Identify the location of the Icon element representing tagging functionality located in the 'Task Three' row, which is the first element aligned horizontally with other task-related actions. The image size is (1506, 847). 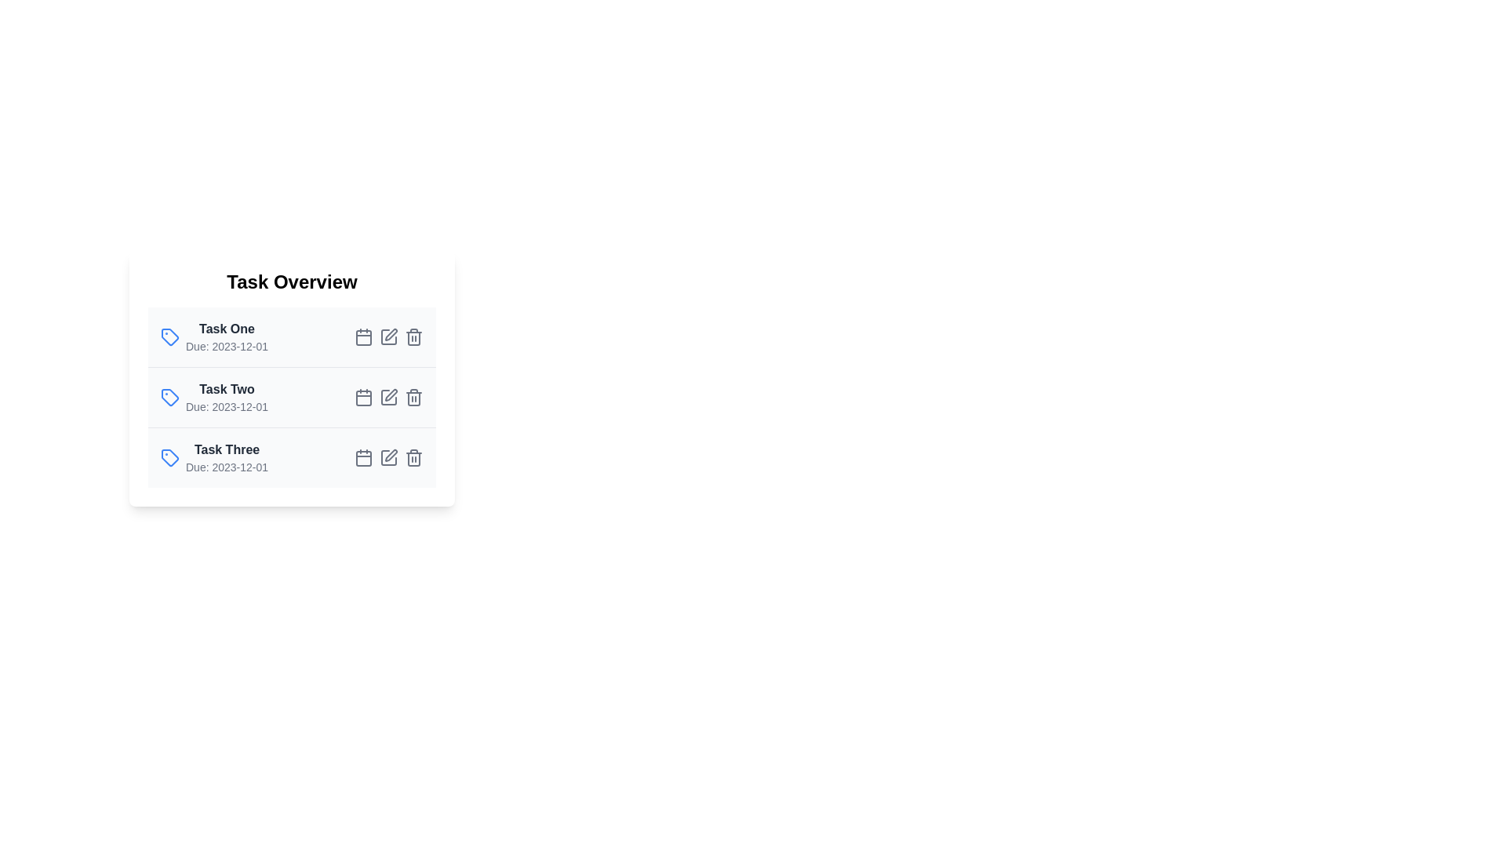
(169, 457).